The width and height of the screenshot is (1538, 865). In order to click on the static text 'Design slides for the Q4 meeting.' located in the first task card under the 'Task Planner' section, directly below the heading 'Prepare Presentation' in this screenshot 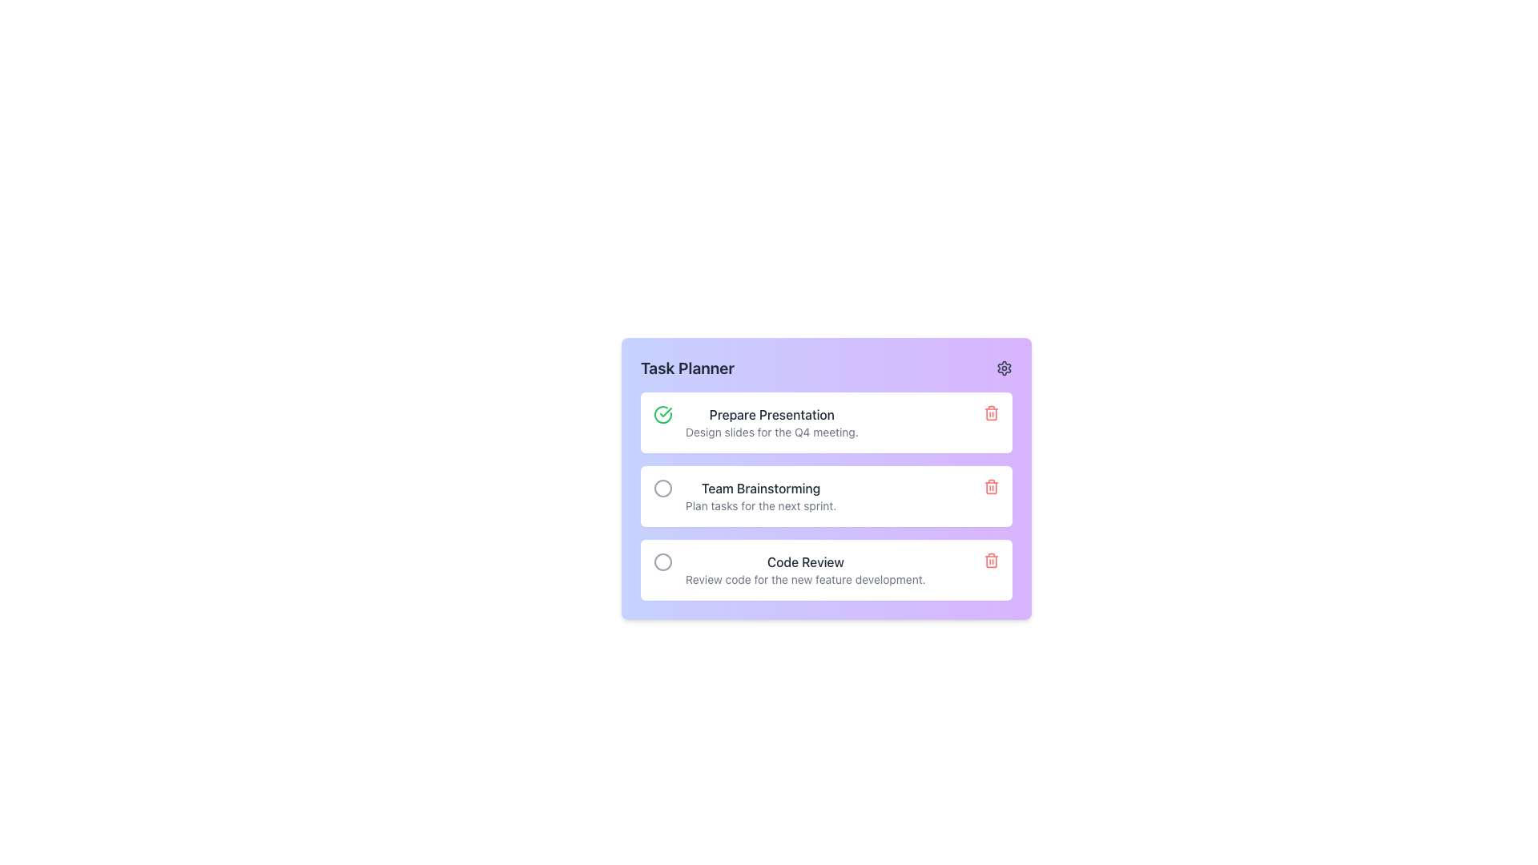, I will do `click(771, 432)`.